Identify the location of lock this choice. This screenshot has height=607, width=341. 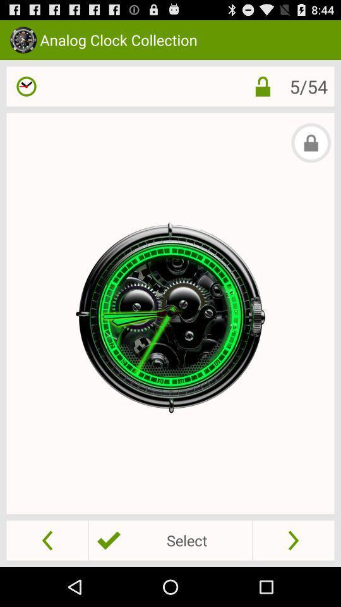
(262, 85).